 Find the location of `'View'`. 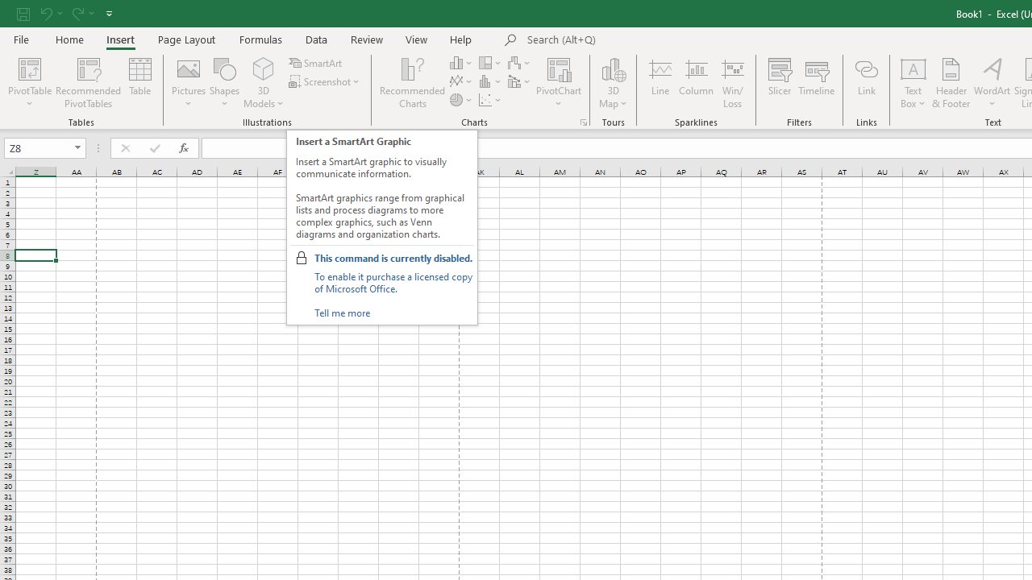

'View' is located at coordinates (417, 39).